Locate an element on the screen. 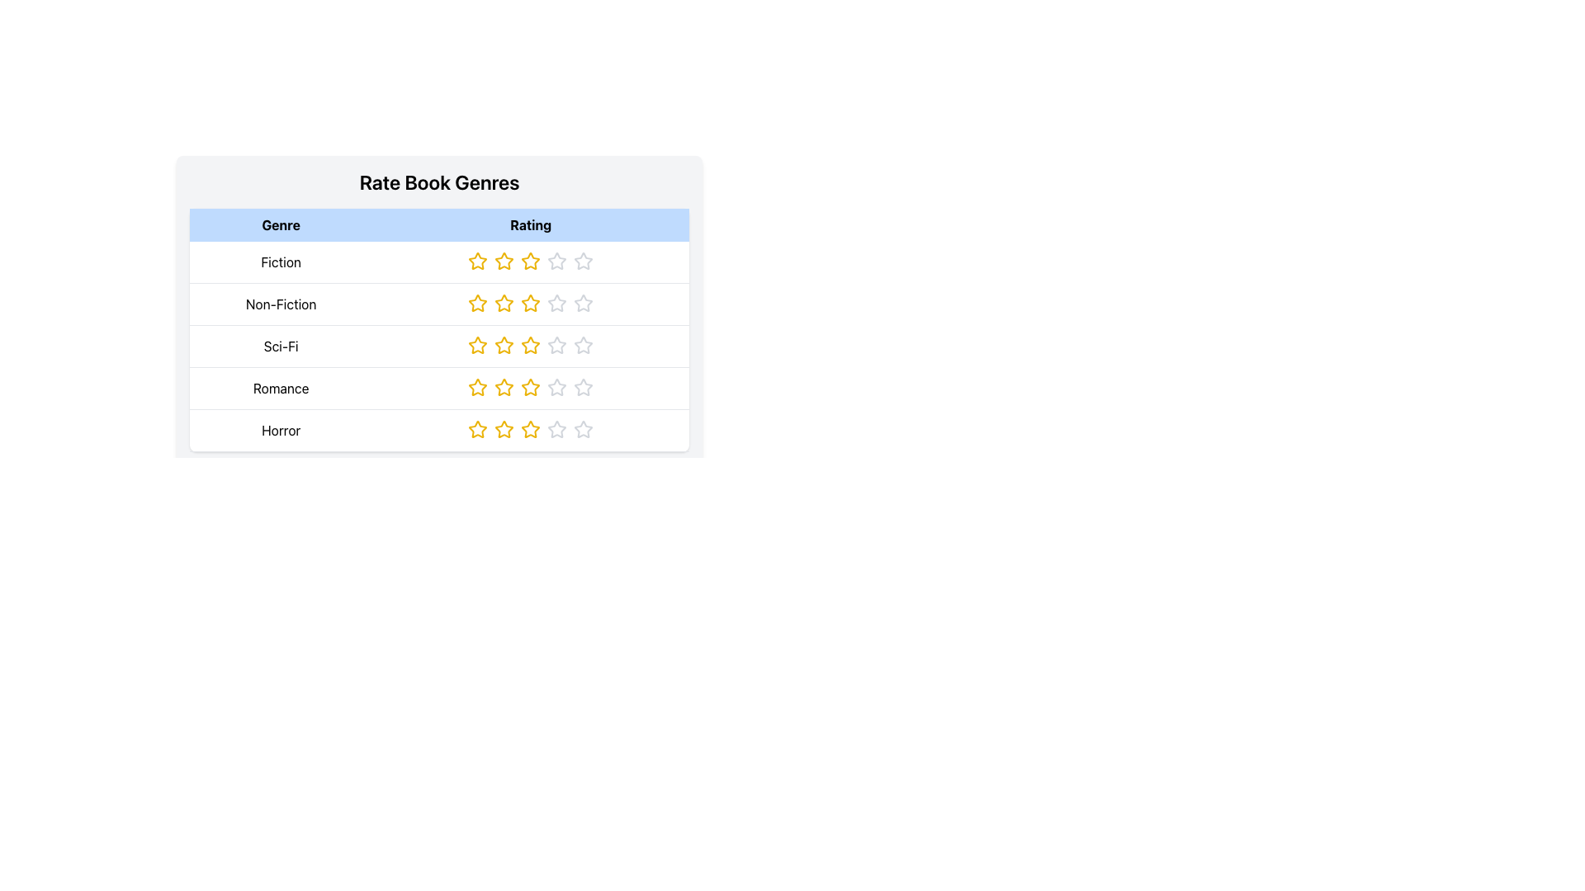 This screenshot has width=1585, height=891. the fourth star-shaped icon in the 'Rating' column of the 'Romance' row to rate it is located at coordinates (557, 388).